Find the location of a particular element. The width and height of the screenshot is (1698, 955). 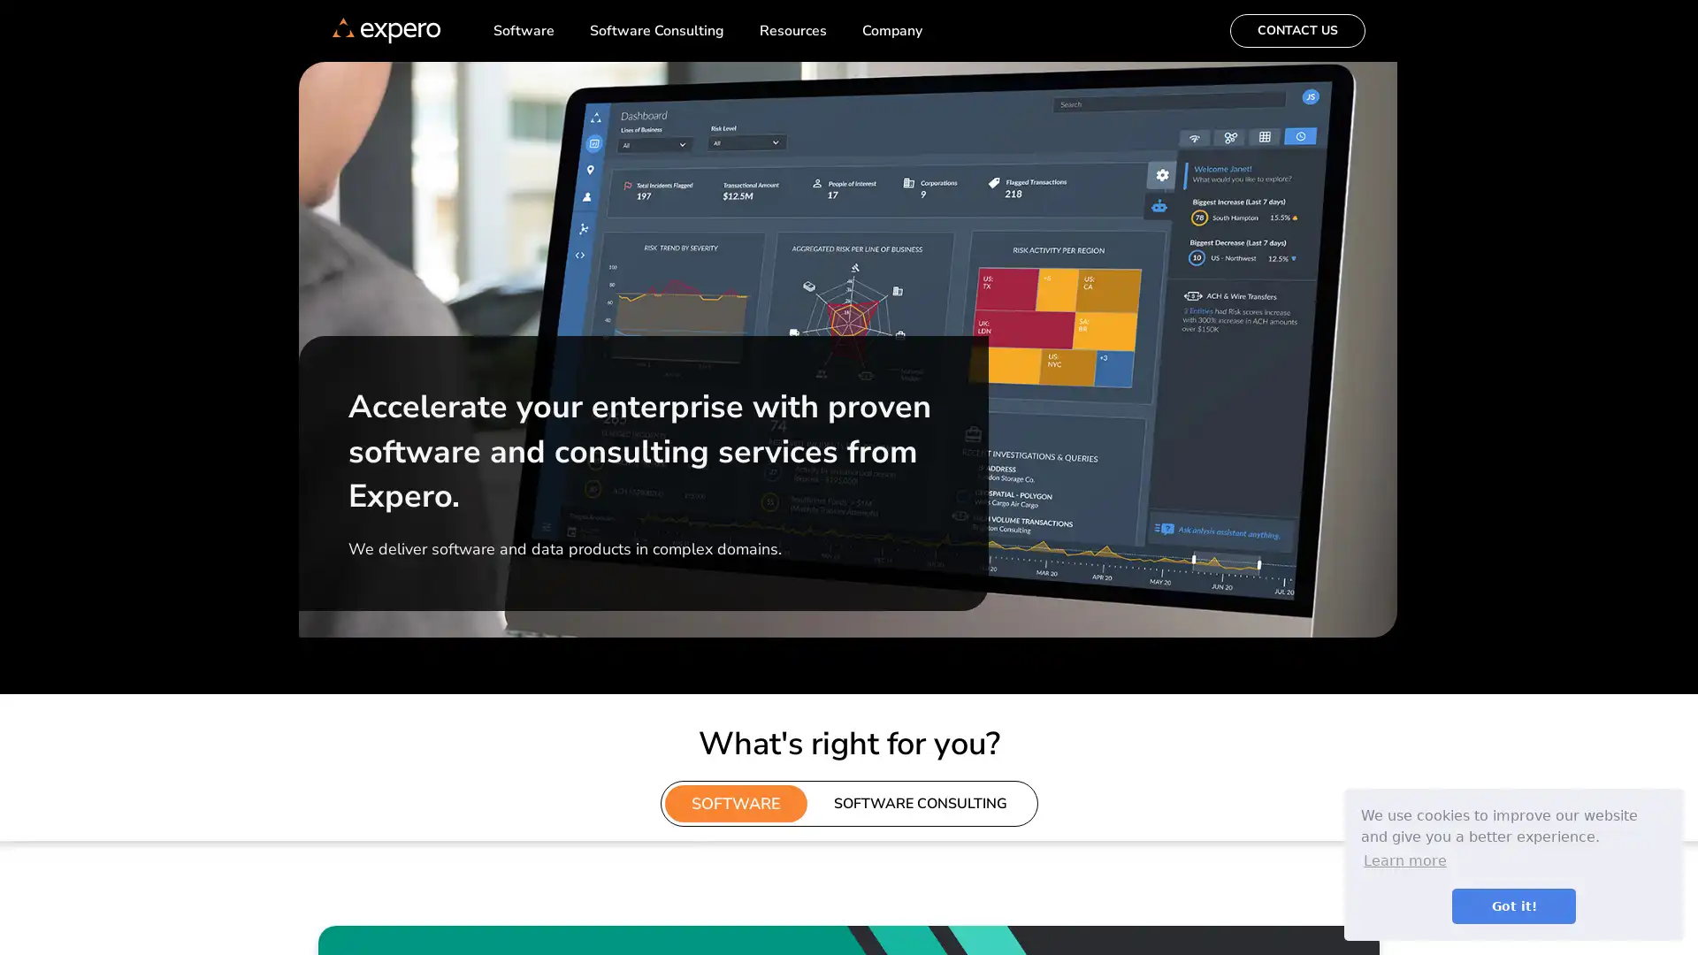

dismiss cookie message is located at coordinates (1513, 905).